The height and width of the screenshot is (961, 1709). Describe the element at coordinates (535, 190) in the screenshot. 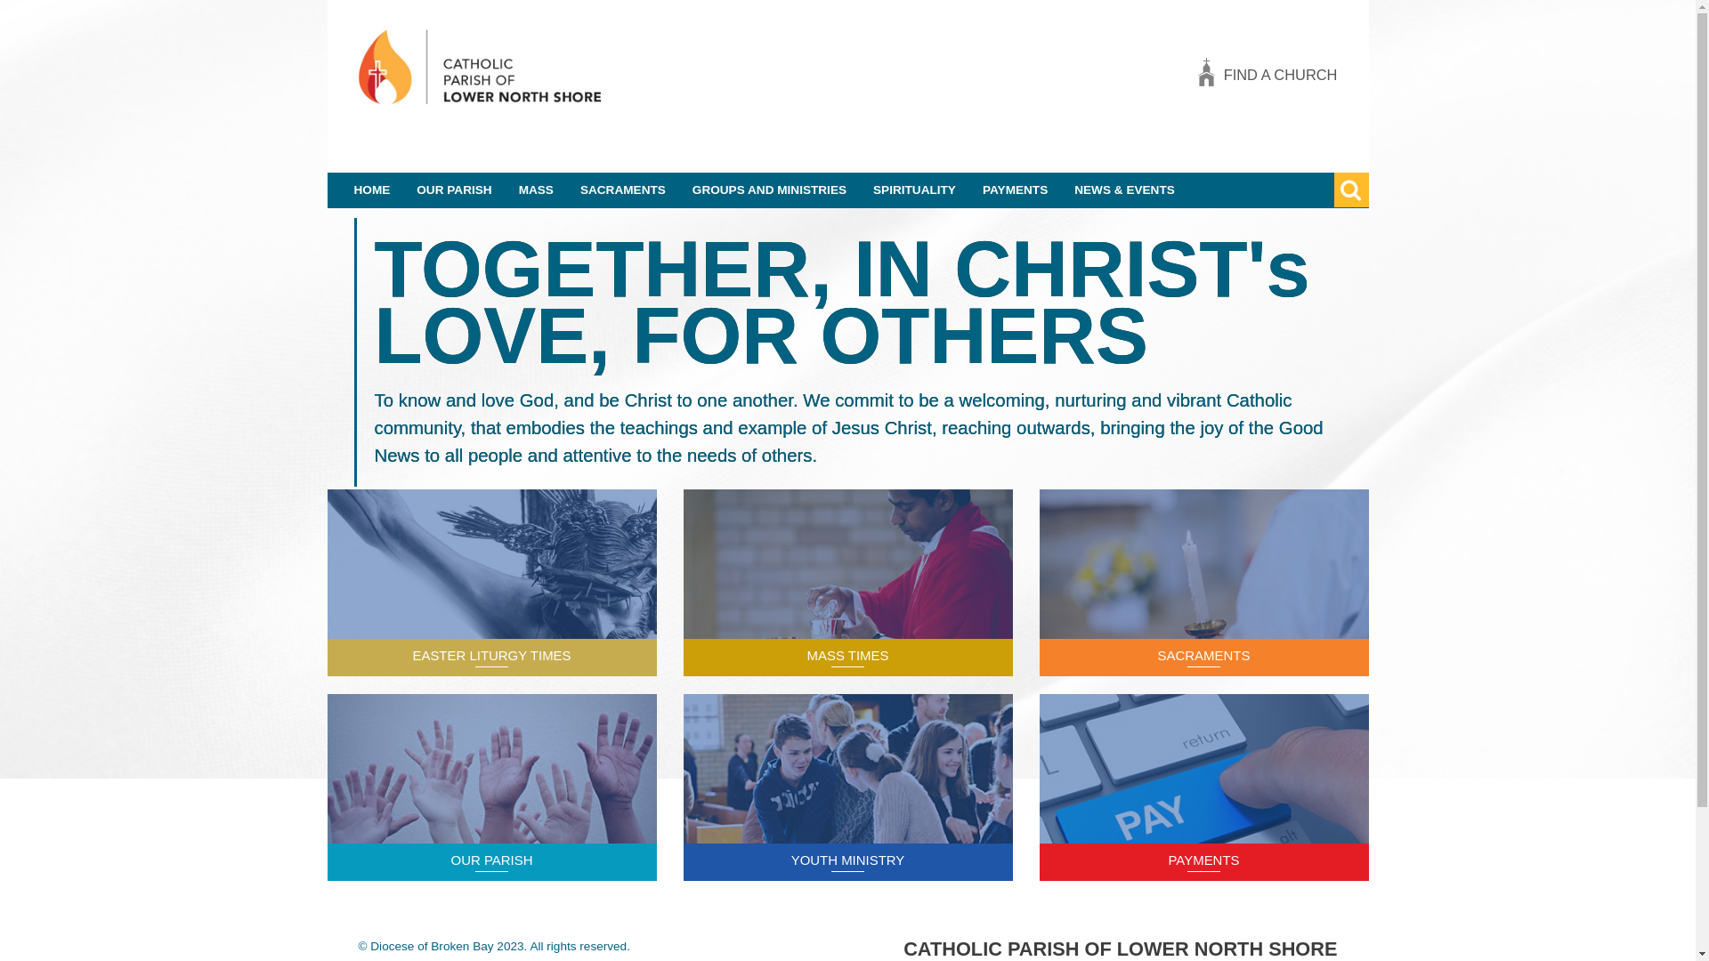

I see `'MASS'` at that location.